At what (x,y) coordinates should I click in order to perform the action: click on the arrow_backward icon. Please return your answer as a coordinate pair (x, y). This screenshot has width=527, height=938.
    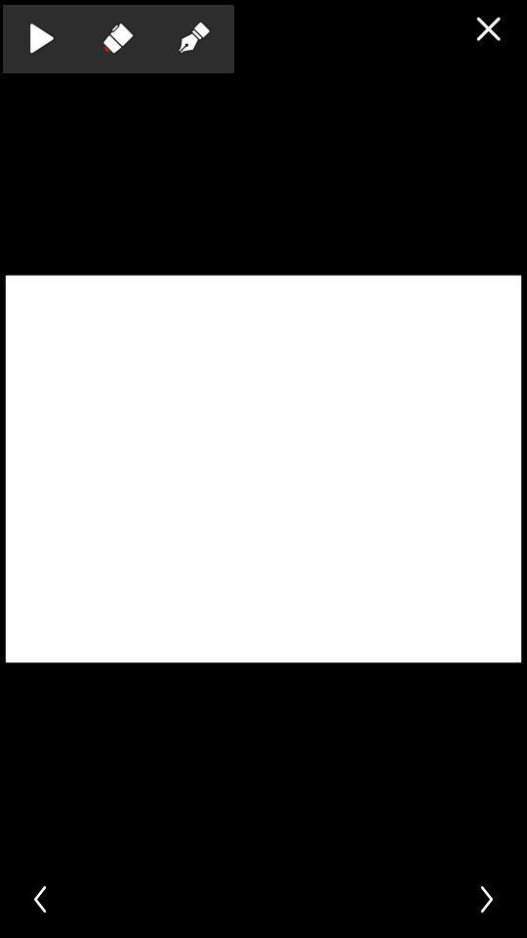
    Looking at the image, I should click on (38, 899).